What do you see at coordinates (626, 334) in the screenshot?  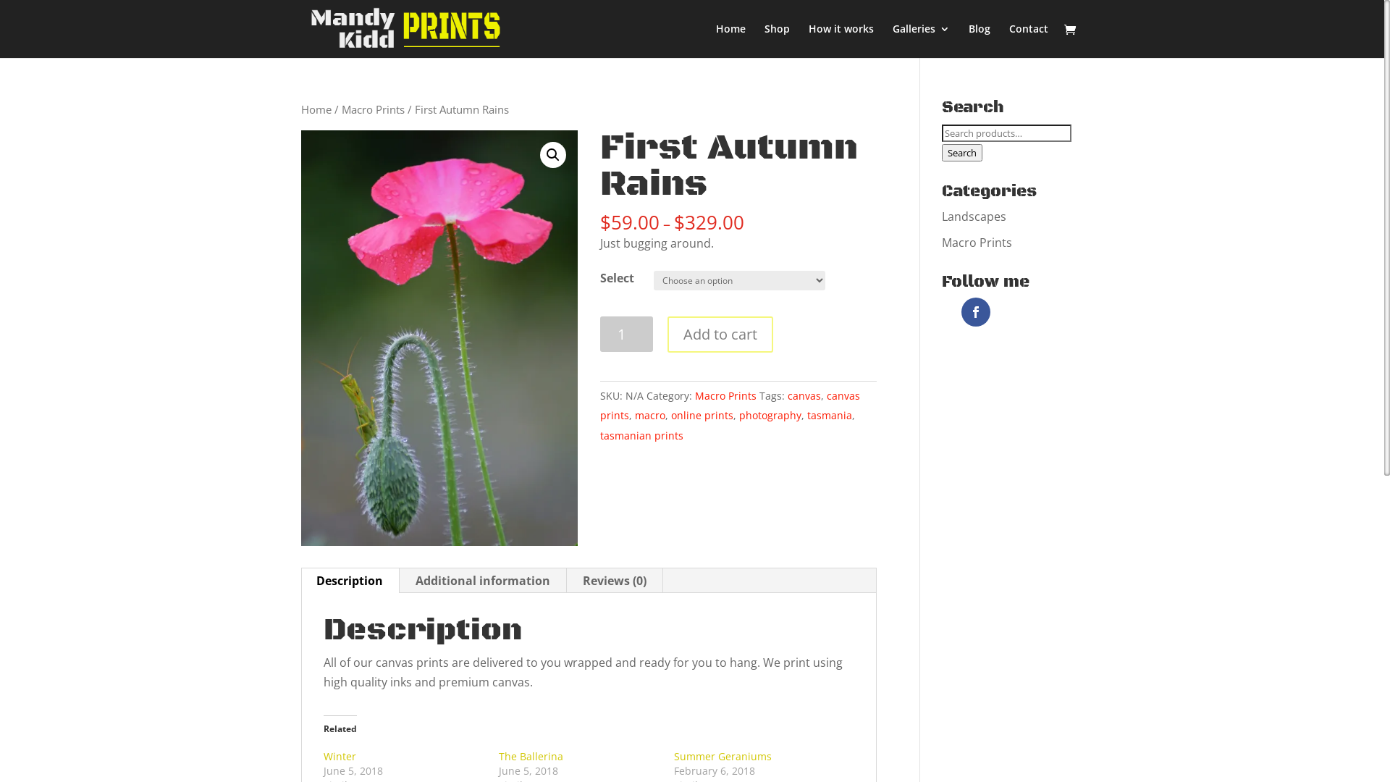 I see `'Qty'` at bounding box center [626, 334].